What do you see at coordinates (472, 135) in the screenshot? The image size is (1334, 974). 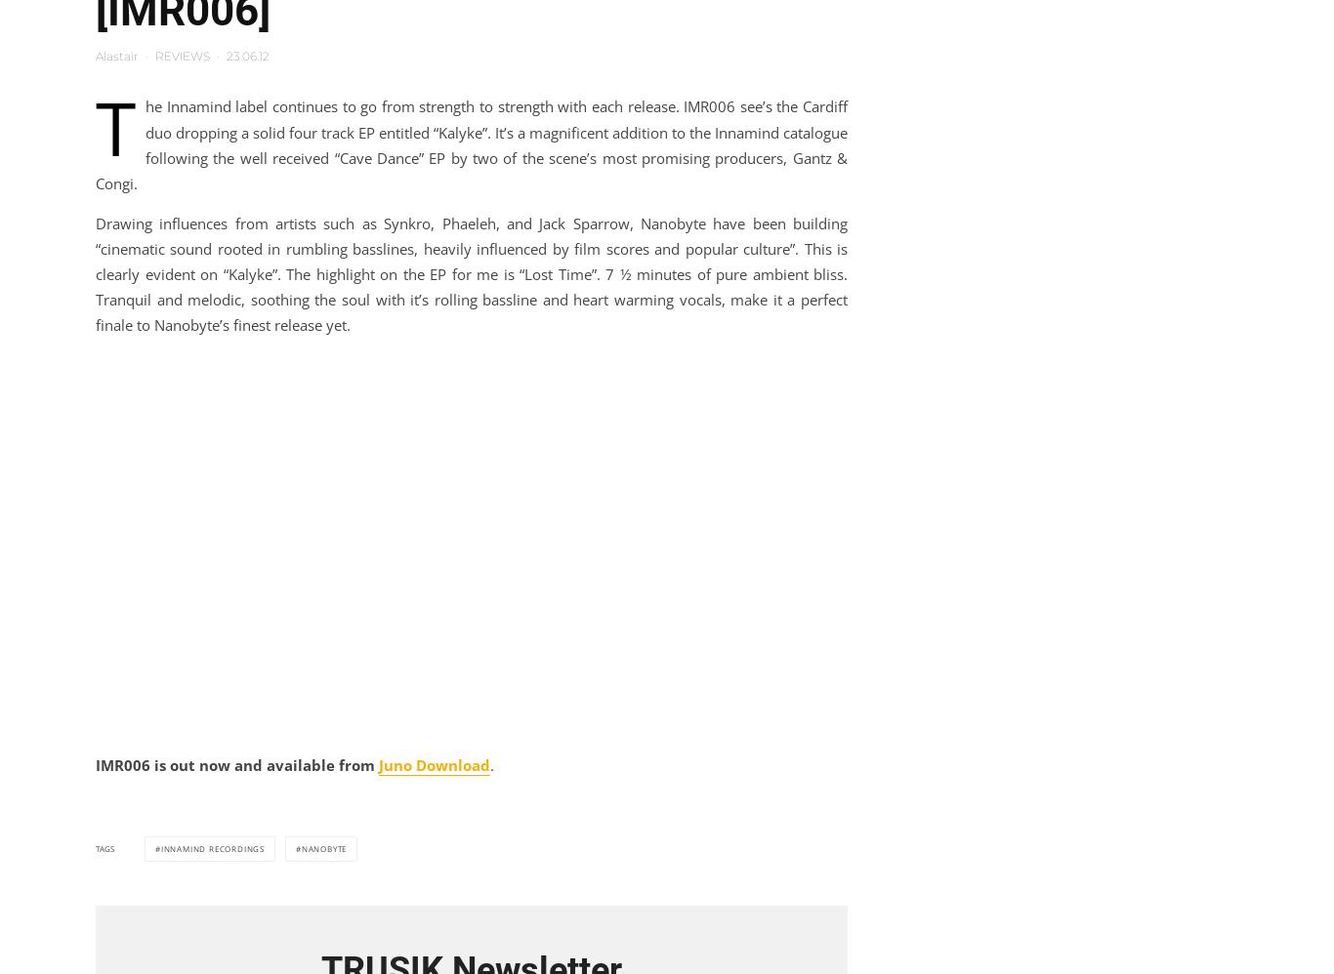 I see `'The Innamind label continues to go from strength to strength with each release. IMR006 see’s the Cardiff duo dropping a solid four track EP entitled “Kalyke”. It’s a magnificent addition to the Innamind catalogue following the well received “Cave Dance” EP by two of the scene’s most promising producers, Gantz & Congi.'` at bounding box center [472, 135].